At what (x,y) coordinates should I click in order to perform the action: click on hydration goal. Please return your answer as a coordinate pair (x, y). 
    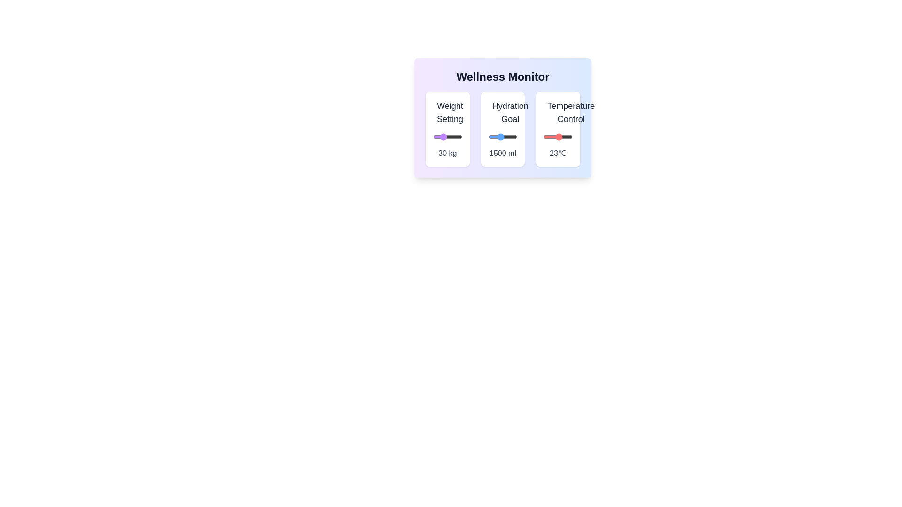
    Looking at the image, I should click on (493, 137).